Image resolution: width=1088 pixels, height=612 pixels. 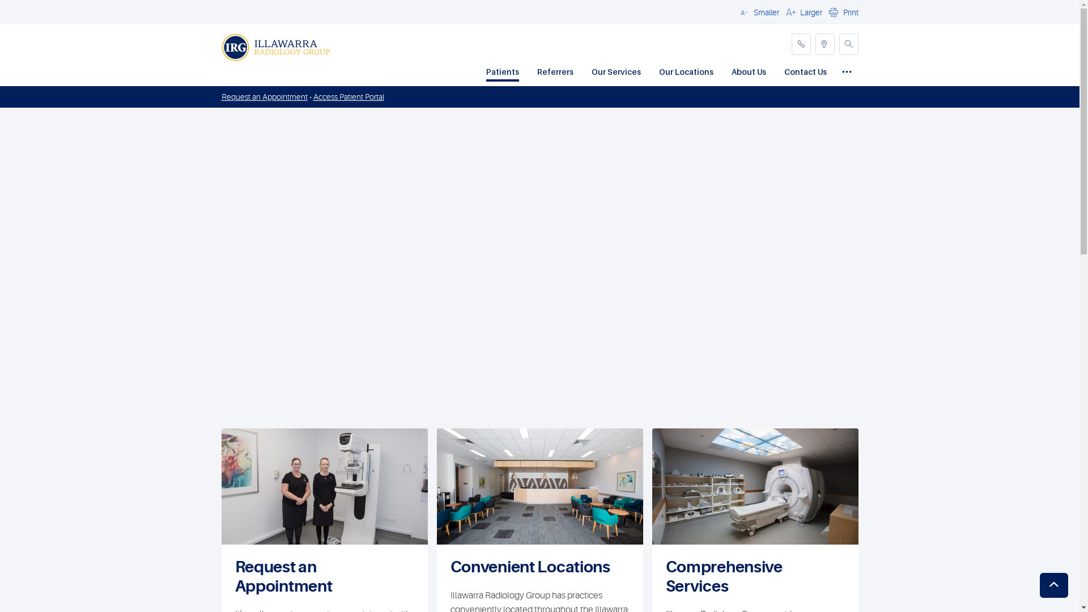 I want to click on 'Our Services', so click(x=615, y=73).